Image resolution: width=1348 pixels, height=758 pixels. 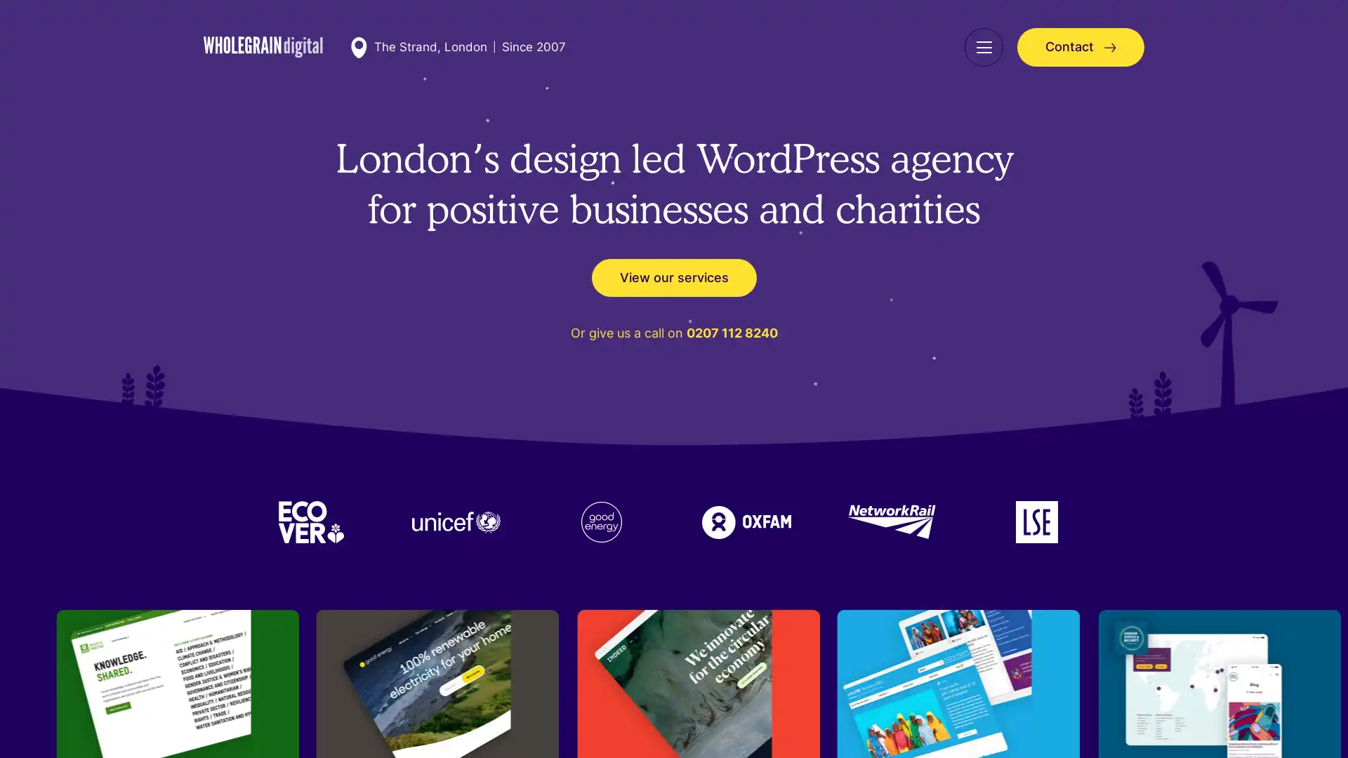 What do you see at coordinates (983, 46) in the screenshot?
I see `Open menu` at bounding box center [983, 46].